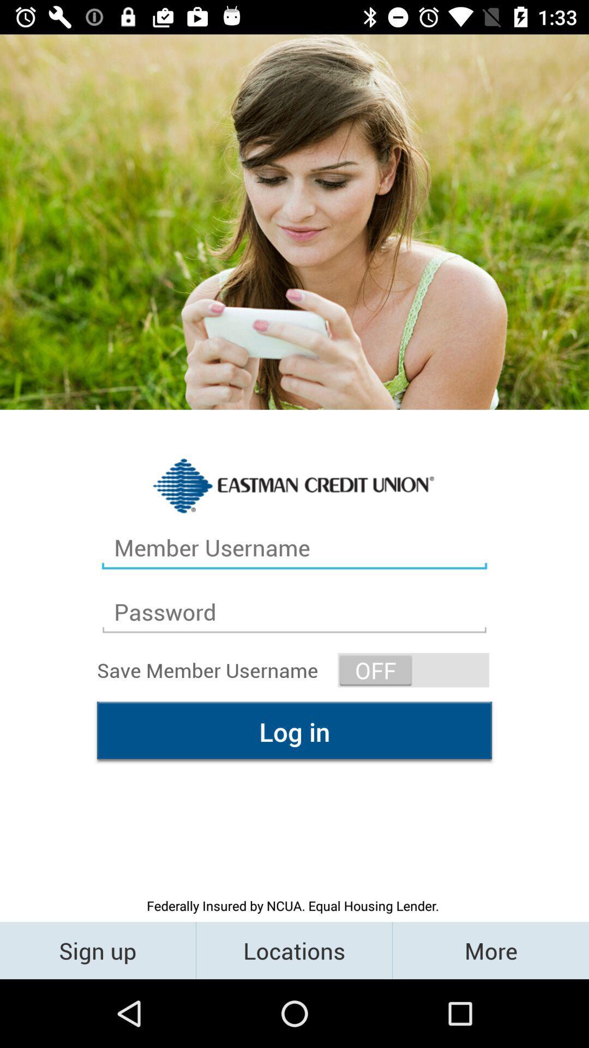 The height and width of the screenshot is (1048, 589). Describe the element at coordinates (97, 950) in the screenshot. I see `sign up` at that location.